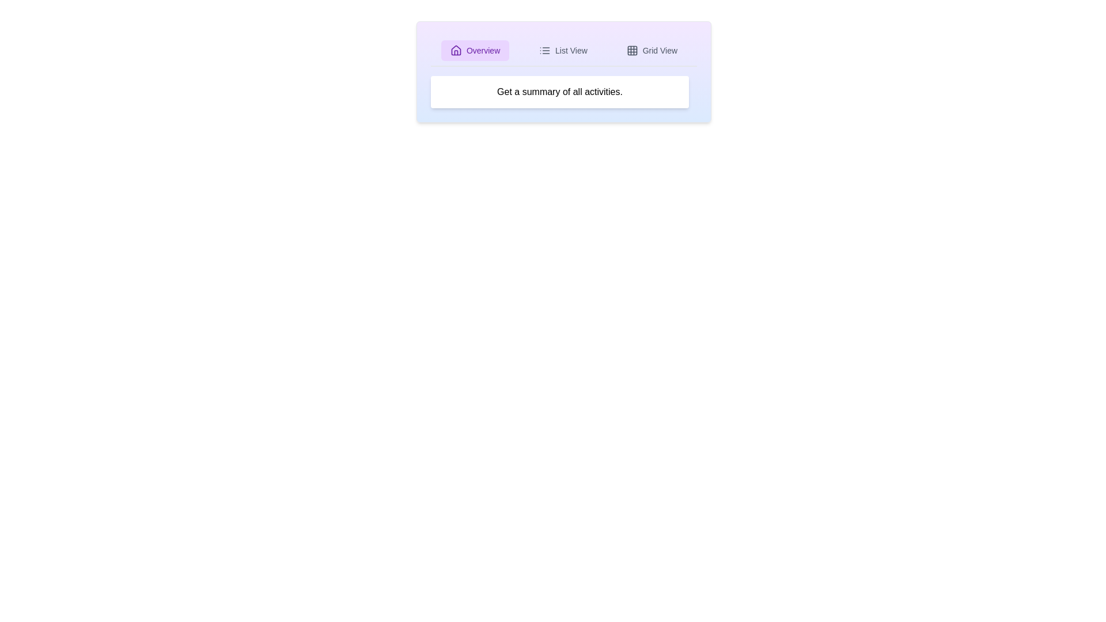 This screenshot has height=622, width=1106. Describe the element at coordinates (475, 50) in the screenshot. I see `the Overview tab by clicking on the respective tab button` at that location.